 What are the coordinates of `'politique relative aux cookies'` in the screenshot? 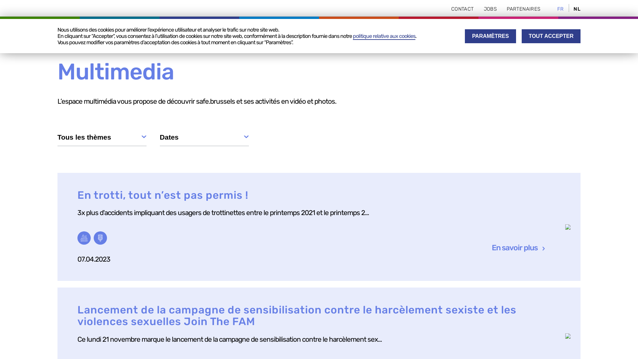 It's located at (384, 36).